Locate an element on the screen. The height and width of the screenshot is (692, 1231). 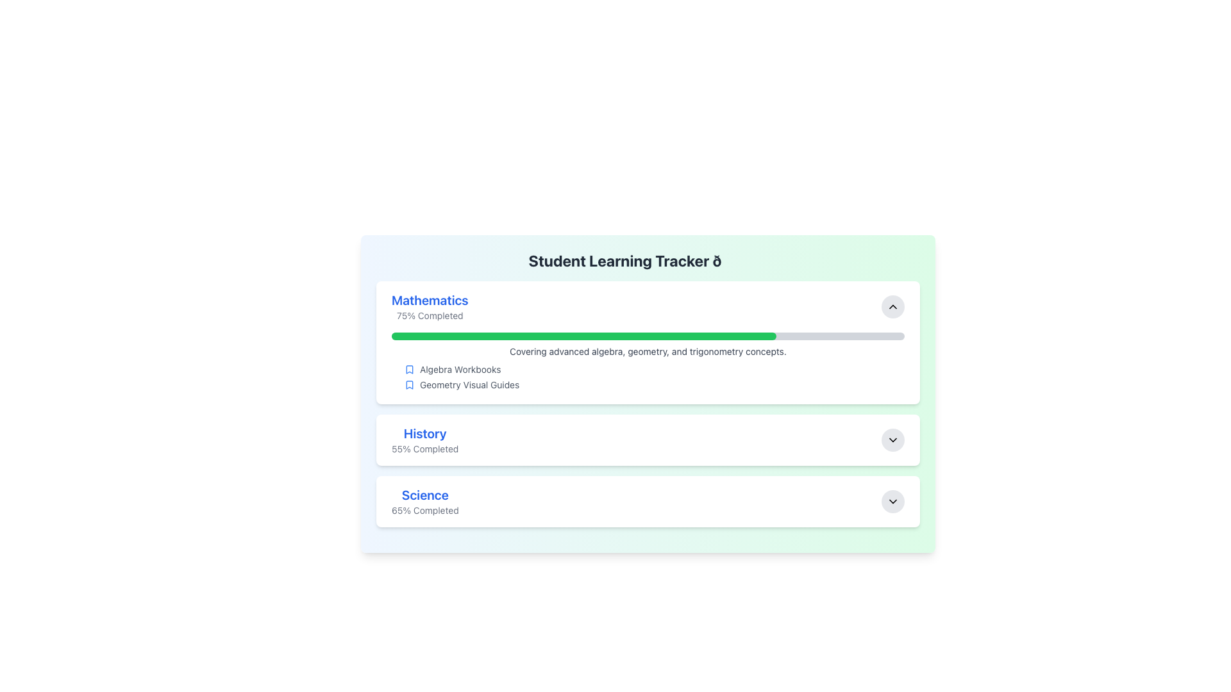
the progress bar indicating 75% completion located beneath the 'Mathematics' section header is located at coordinates (583, 335).